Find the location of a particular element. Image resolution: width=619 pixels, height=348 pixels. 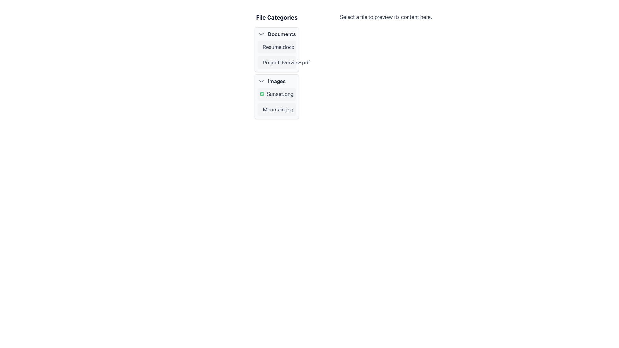

the instructional text label that guides users to select a file for preview, located at the top-center of the right panel is located at coordinates (386, 17).